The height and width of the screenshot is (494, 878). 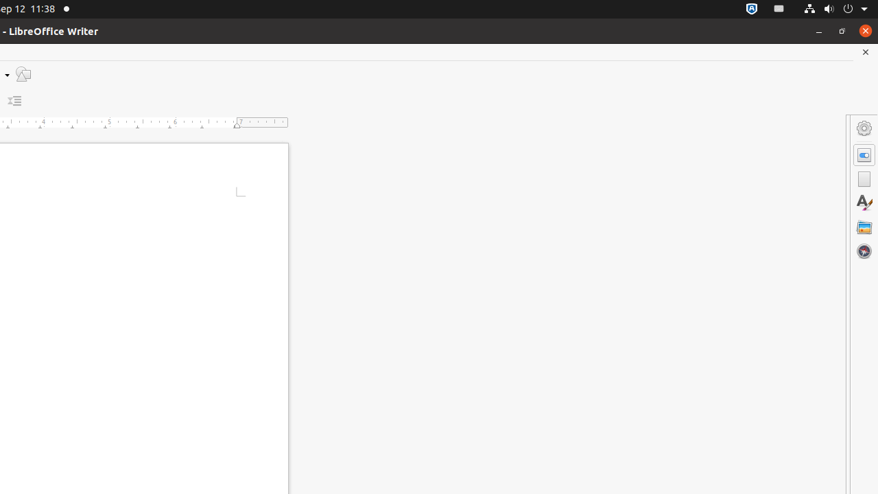 I want to click on 'Properties', so click(x=864, y=154).